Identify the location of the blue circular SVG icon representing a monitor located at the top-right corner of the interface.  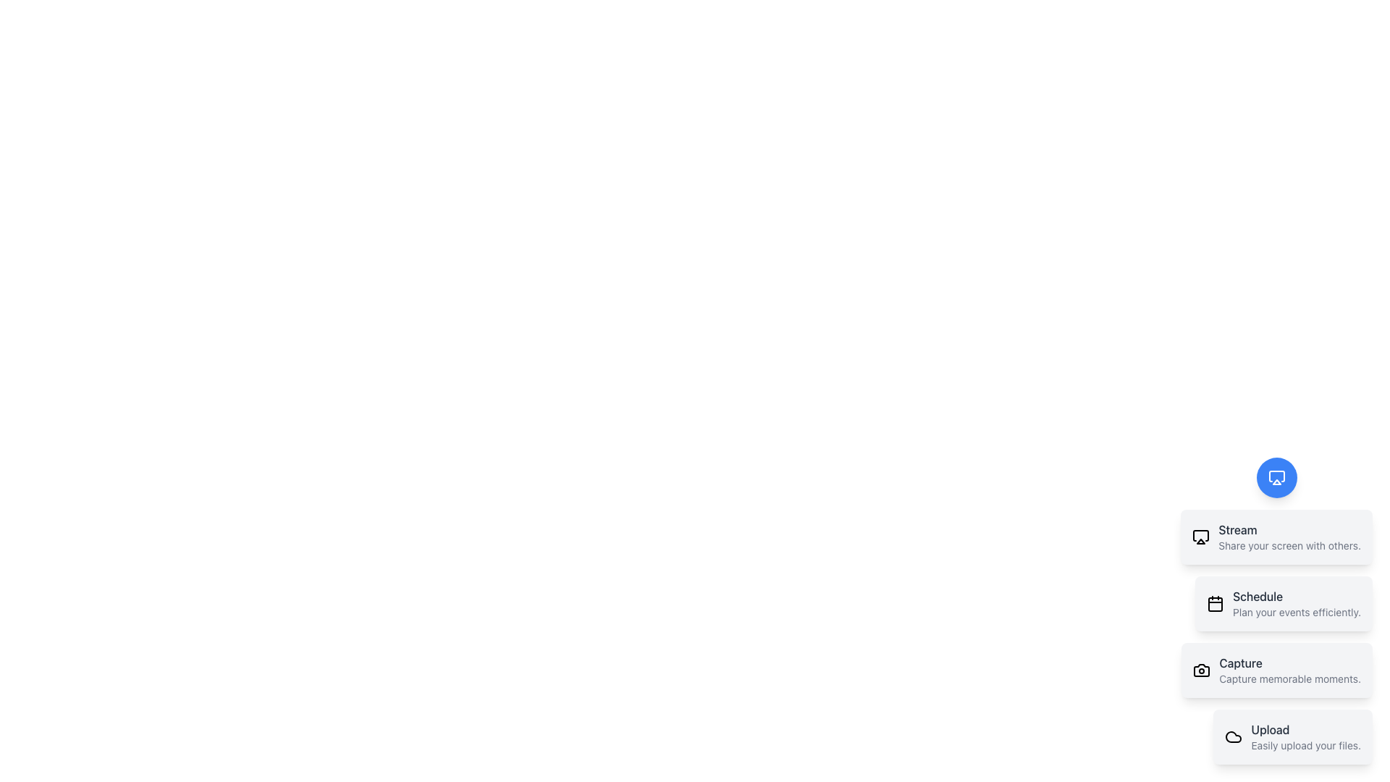
(1276, 477).